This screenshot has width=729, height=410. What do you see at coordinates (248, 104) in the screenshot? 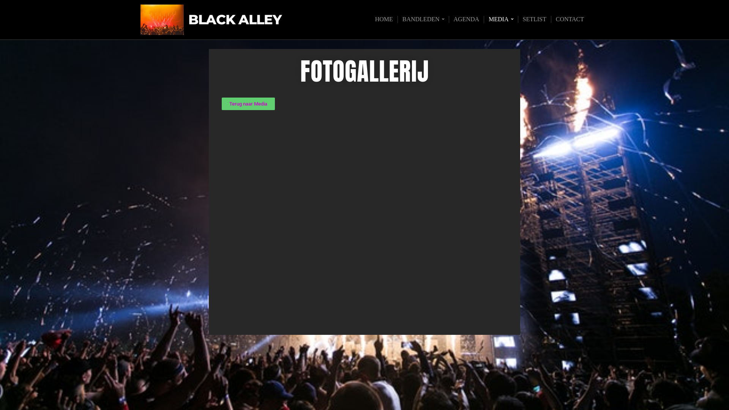
I see `'Terug naar Media'` at bounding box center [248, 104].